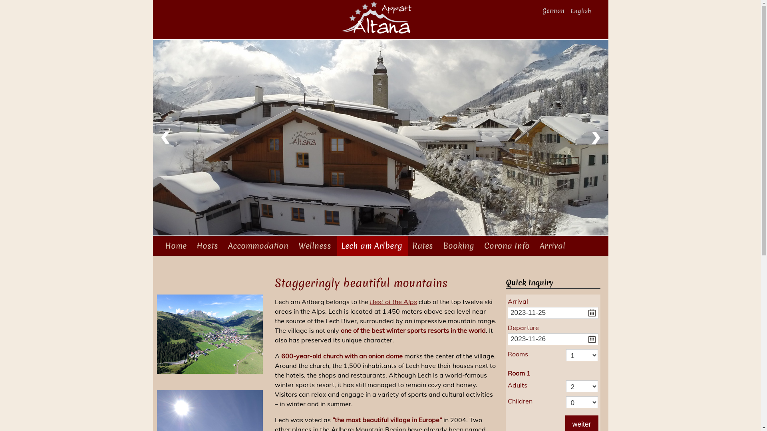 The image size is (767, 431). I want to click on 'Rates', so click(423, 245).